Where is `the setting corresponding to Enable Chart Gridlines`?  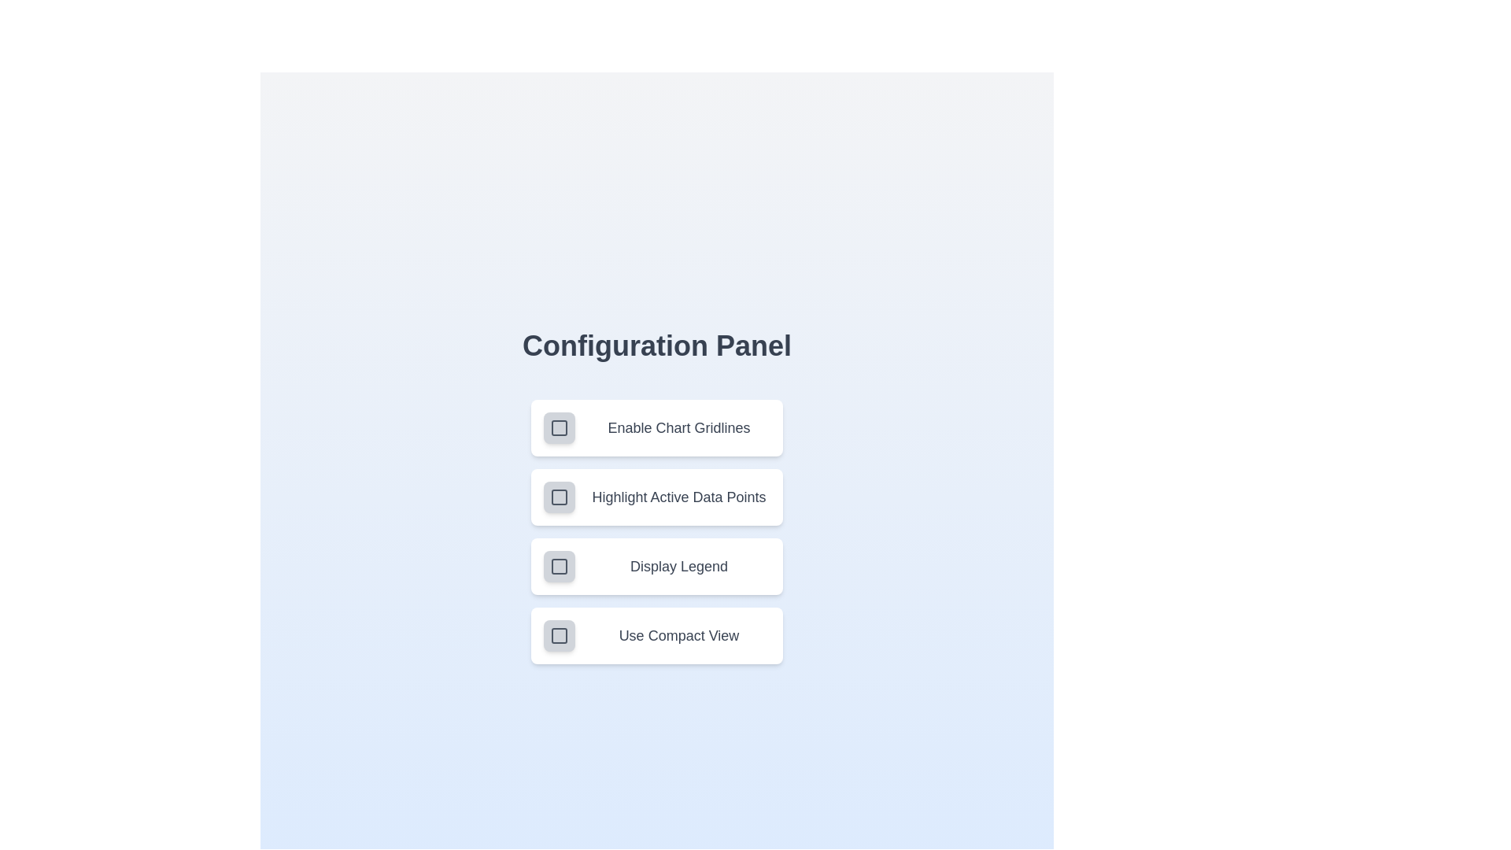 the setting corresponding to Enable Chart Gridlines is located at coordinates (559, 427).